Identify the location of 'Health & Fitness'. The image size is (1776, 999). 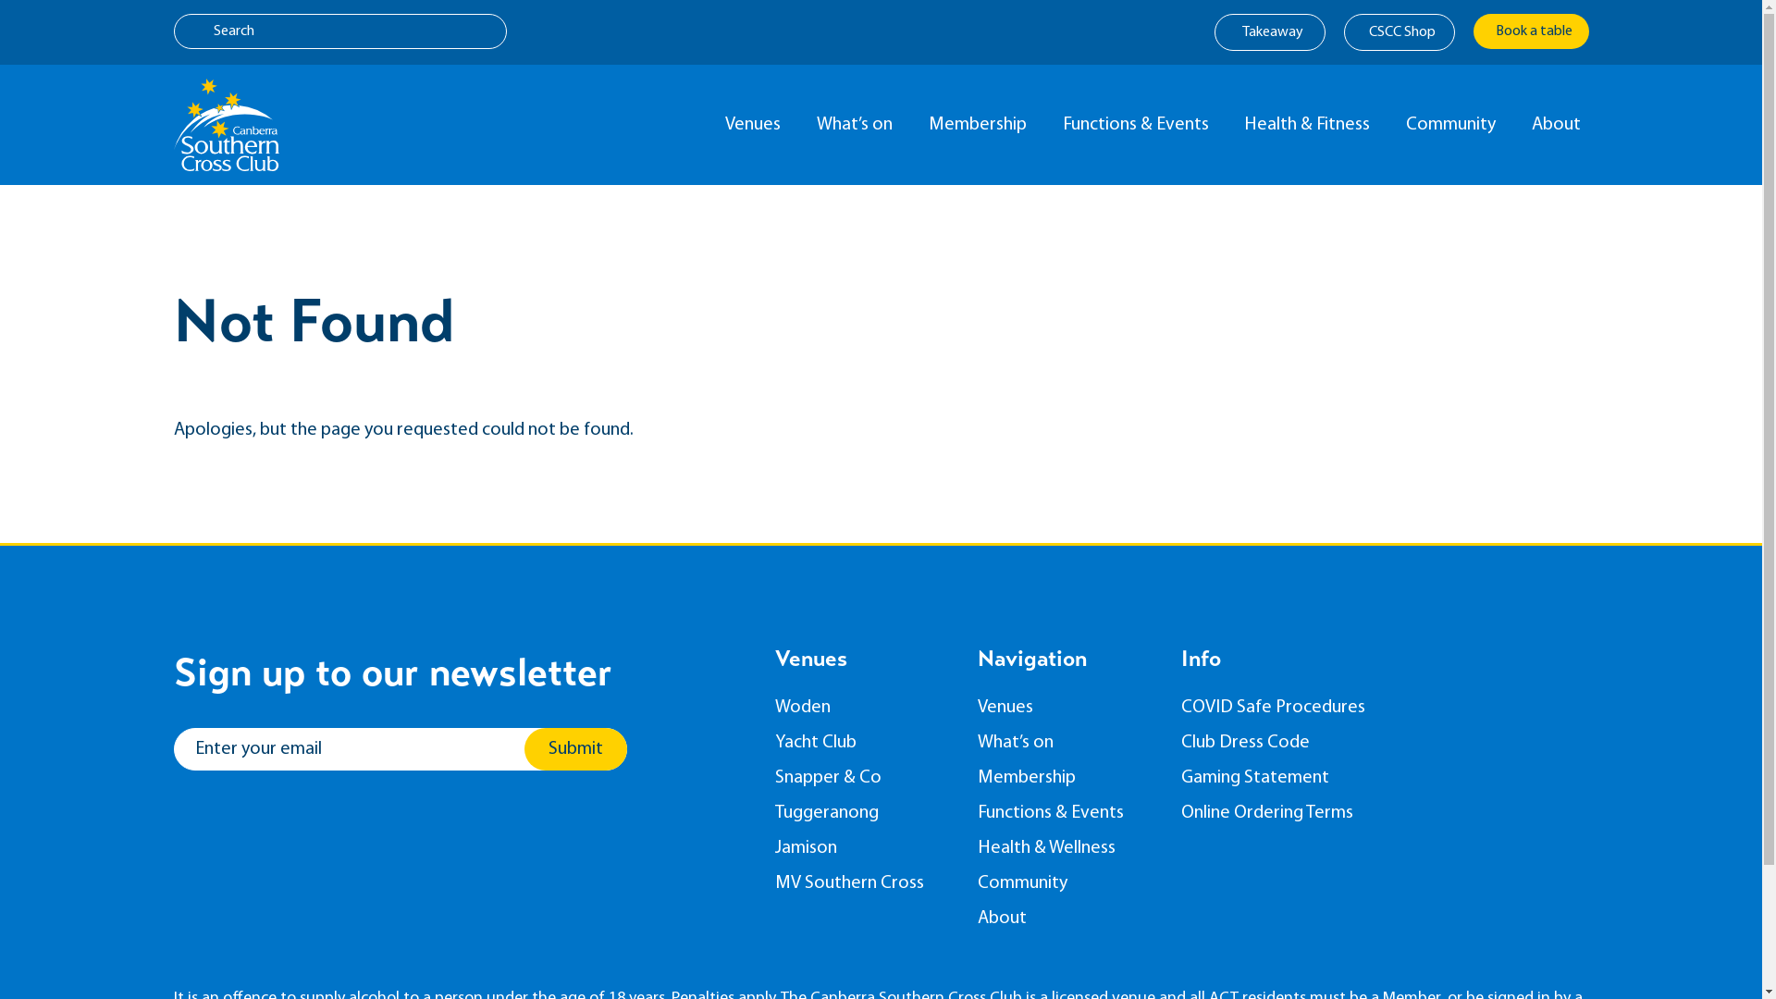
(1310, 125).